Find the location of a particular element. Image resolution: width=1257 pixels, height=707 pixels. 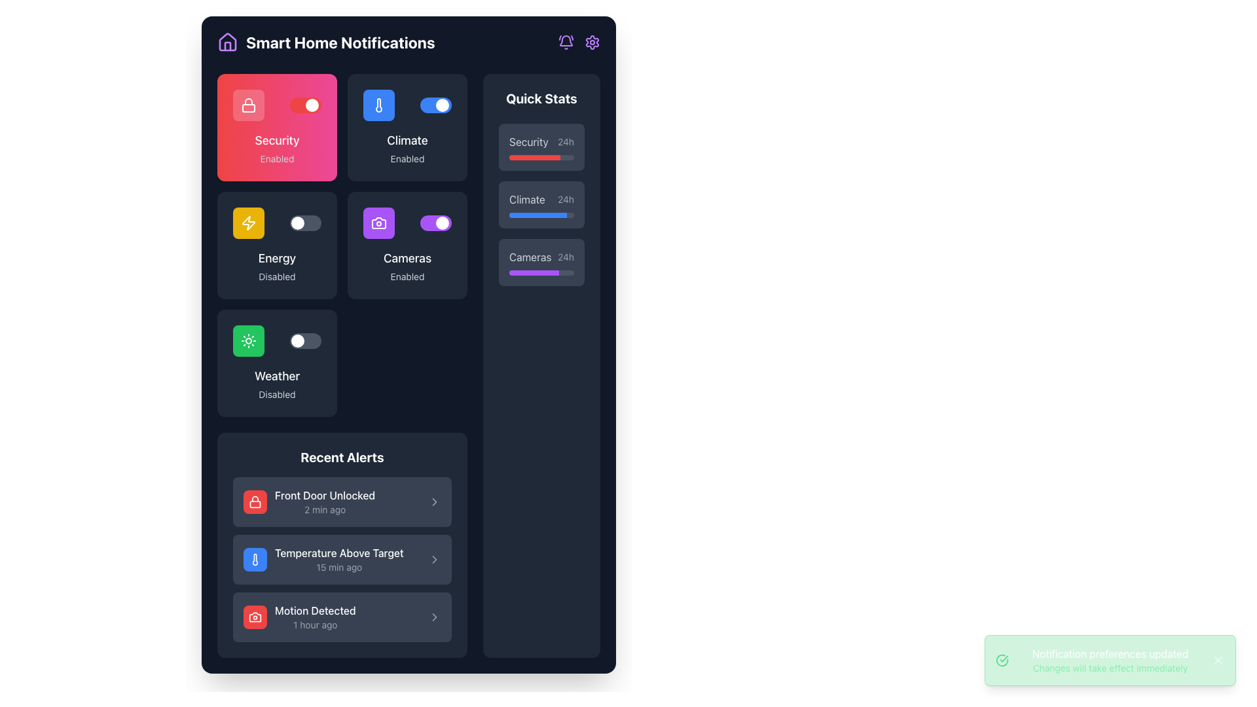

the middle widget displaying 'Climate' and '24h' is located at coordinates (541, 204).